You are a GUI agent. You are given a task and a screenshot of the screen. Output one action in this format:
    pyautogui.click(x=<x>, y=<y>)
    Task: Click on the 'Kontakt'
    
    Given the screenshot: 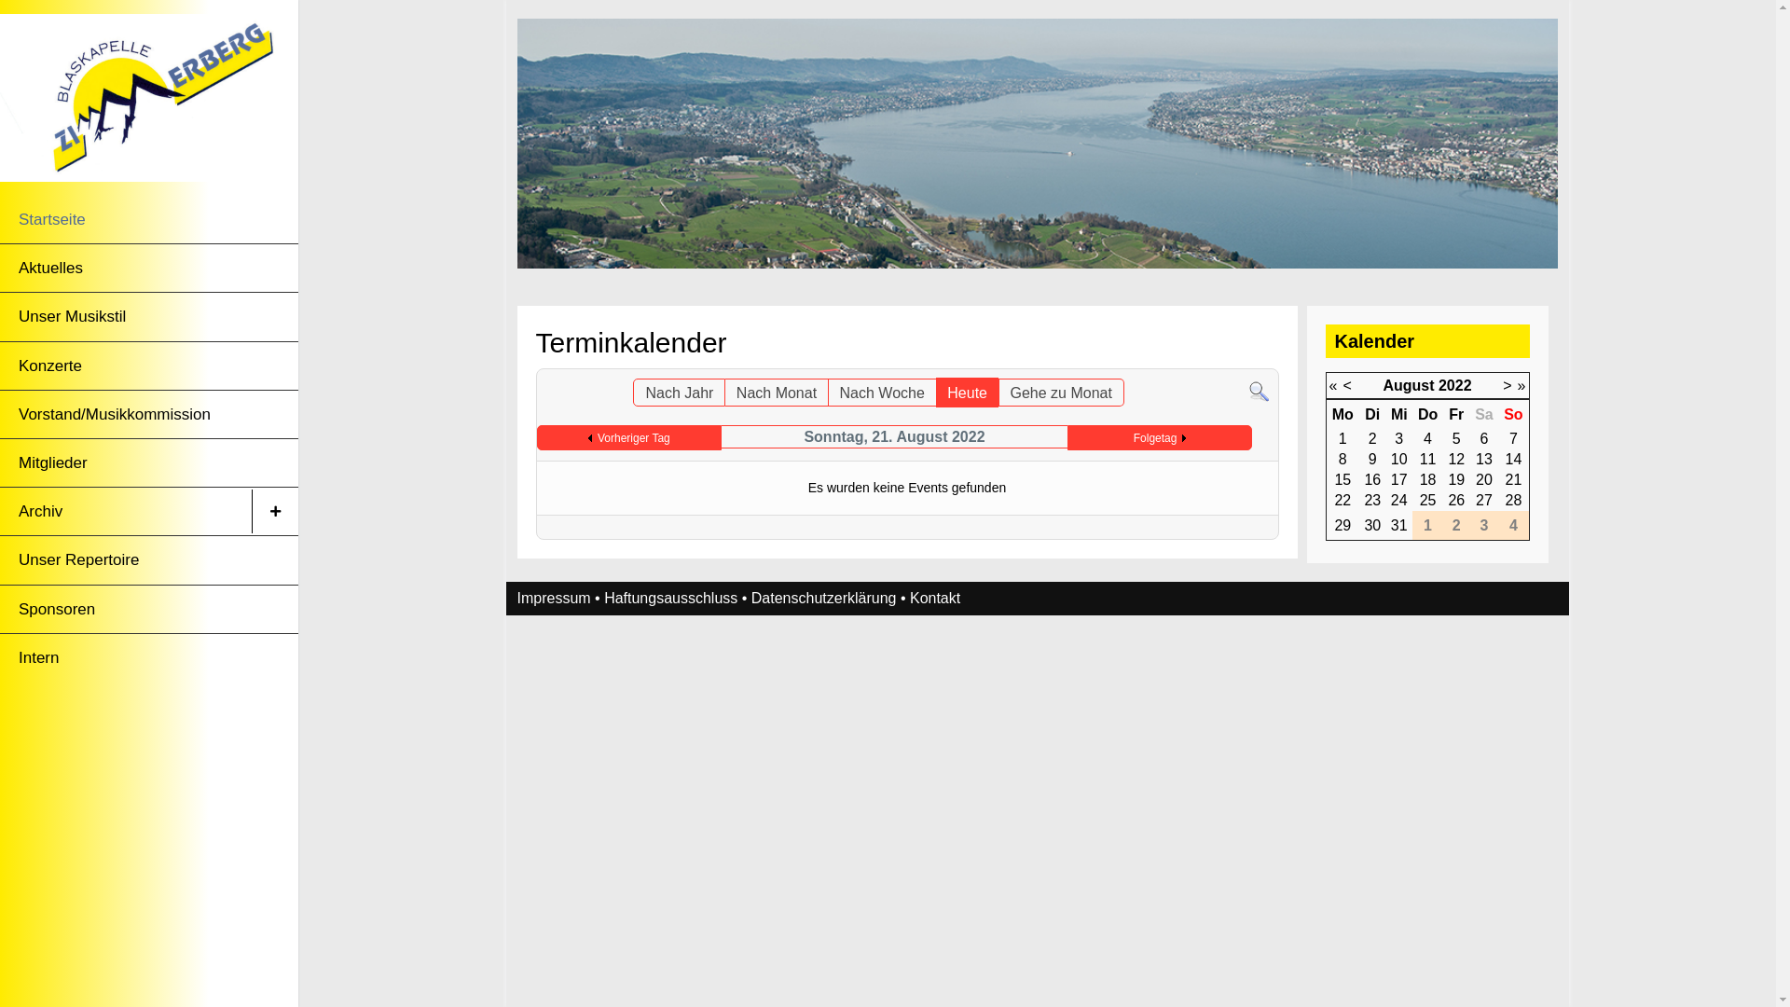 What is the action you would take?
    pyautogui.click(x=935, y=598)
    